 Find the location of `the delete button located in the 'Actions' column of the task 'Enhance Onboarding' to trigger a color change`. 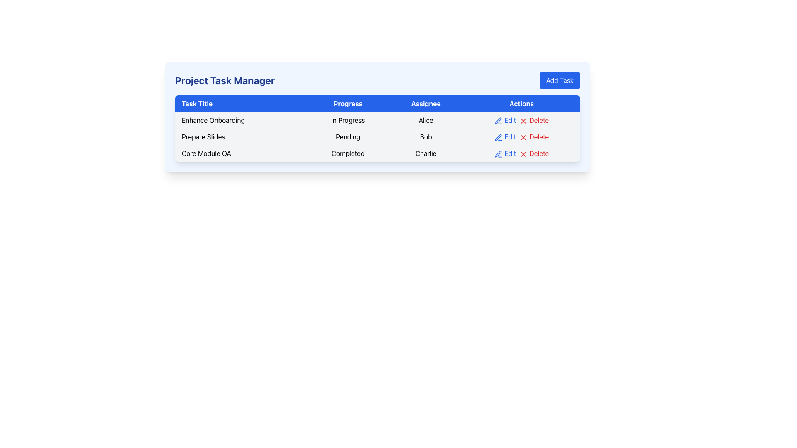

the delete button located in the 'Actions' column of the task 'Enhance Onboarding' to trigger a color change is located at coordinates (534, 120).